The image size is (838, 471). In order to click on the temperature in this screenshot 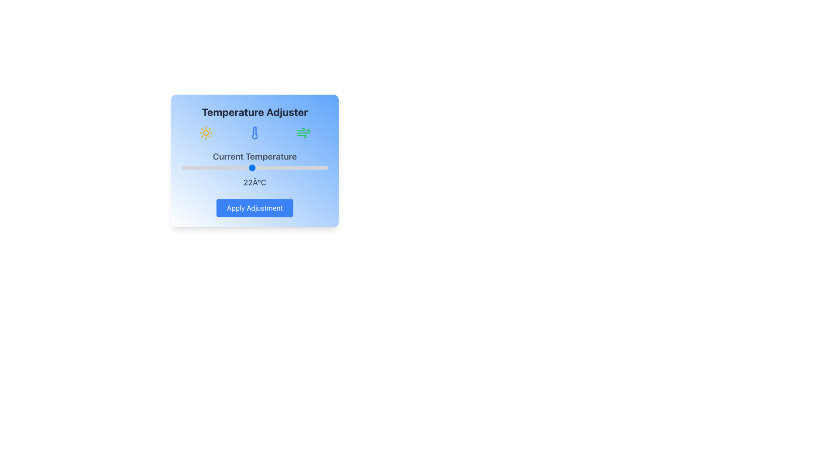, I will do `click(293, 168)`.